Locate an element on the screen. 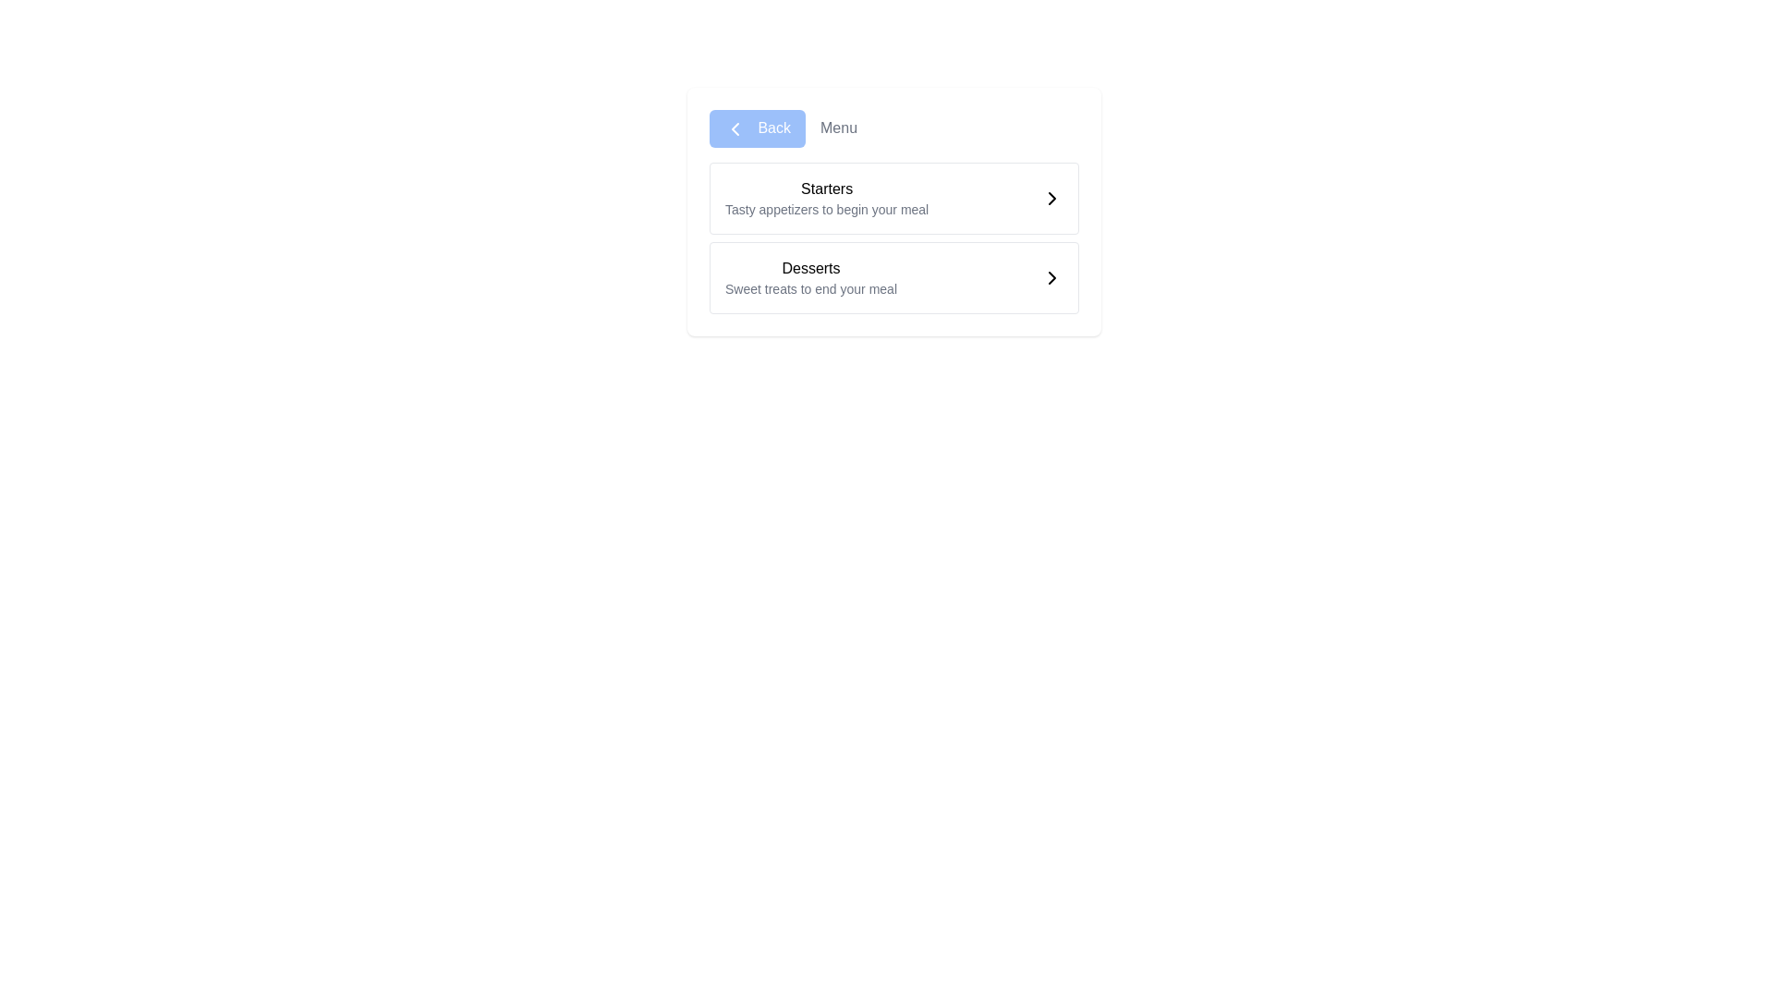 The image size is (1774, 998). the right-pointing chevron icon at the end of the 'Starters' section is located at coordinates (1051, 197).